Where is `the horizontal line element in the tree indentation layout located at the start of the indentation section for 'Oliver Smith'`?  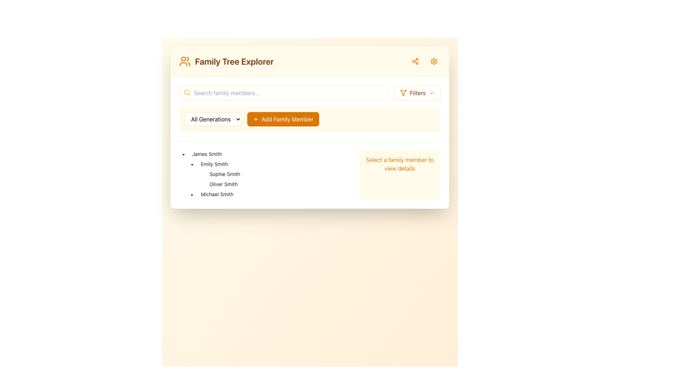 the horizontal line element in the tree indentation layout located at the start of the indentation section for 'Oliver Smith' is located at coordinates (188, 184).